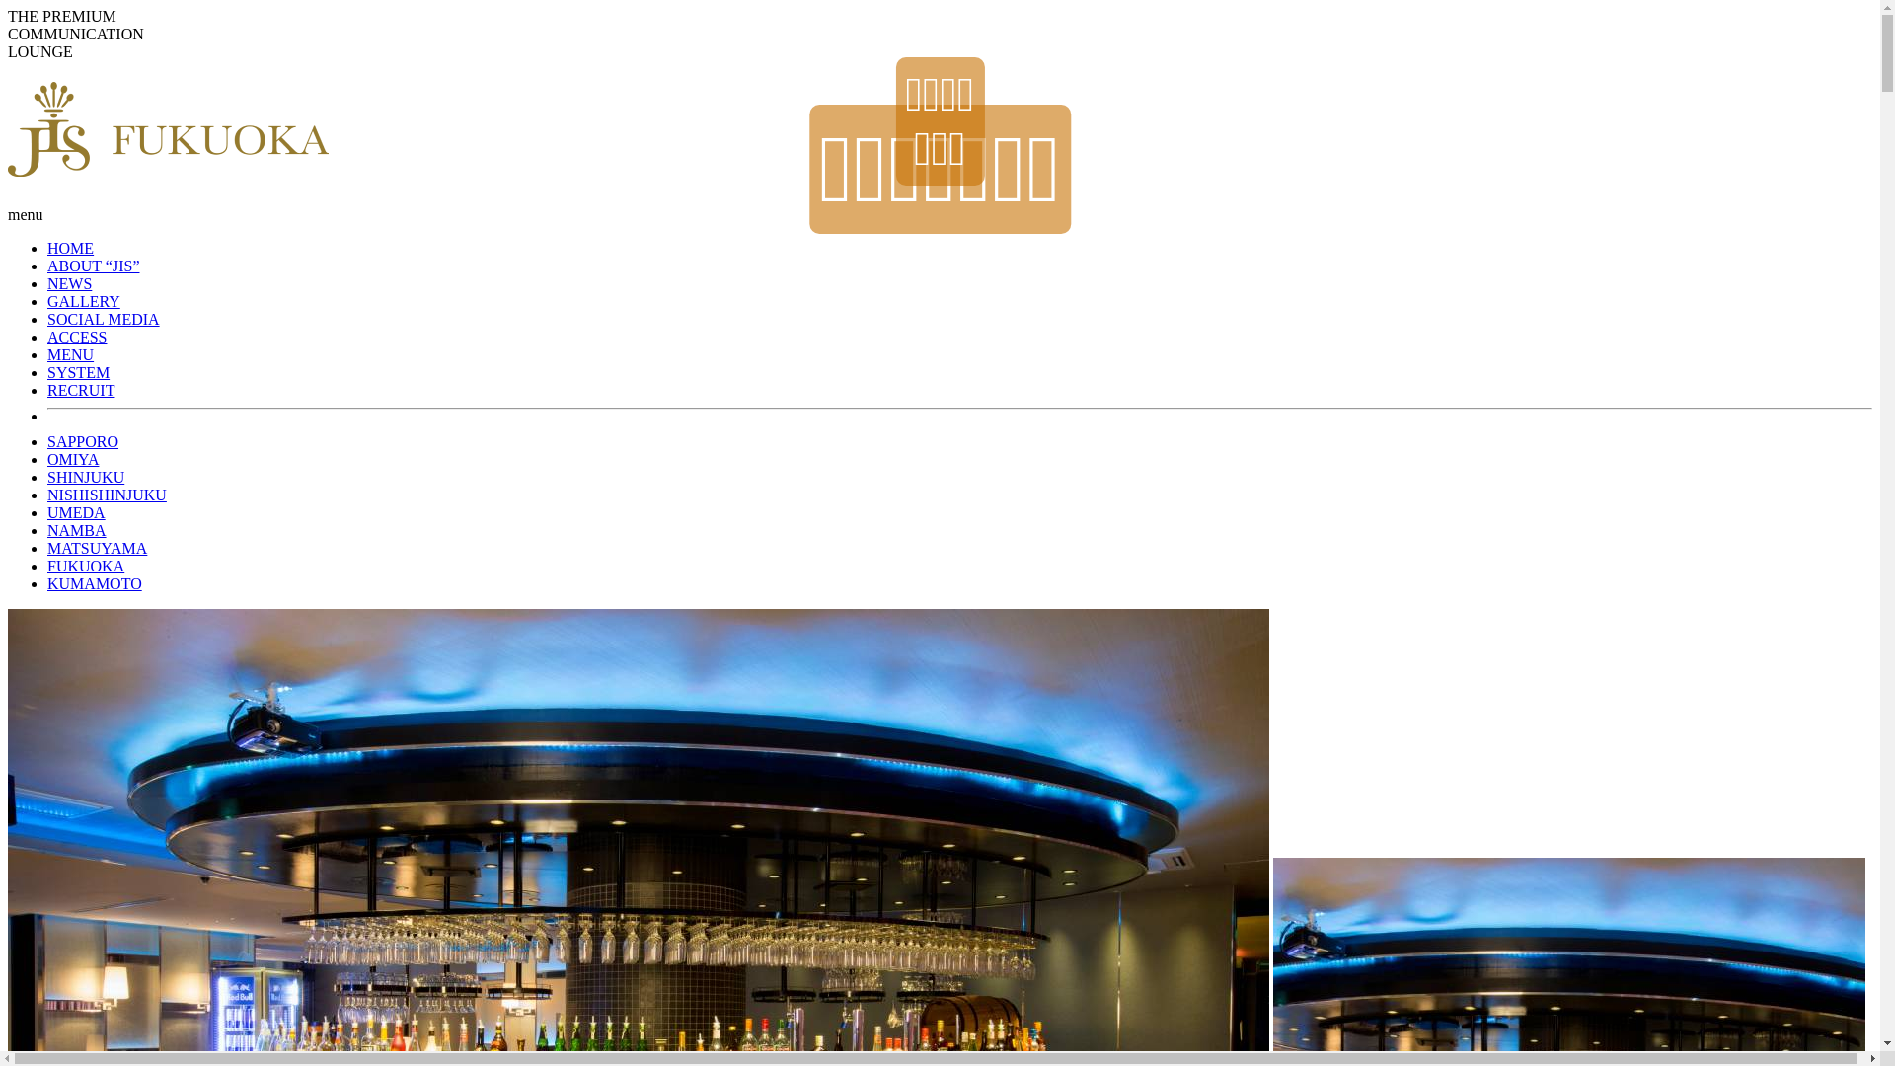  What do you see at coordinates (47, 548) in the screenshot?
I see `'MATSUYAMA'` at bounding box center [47, 548].